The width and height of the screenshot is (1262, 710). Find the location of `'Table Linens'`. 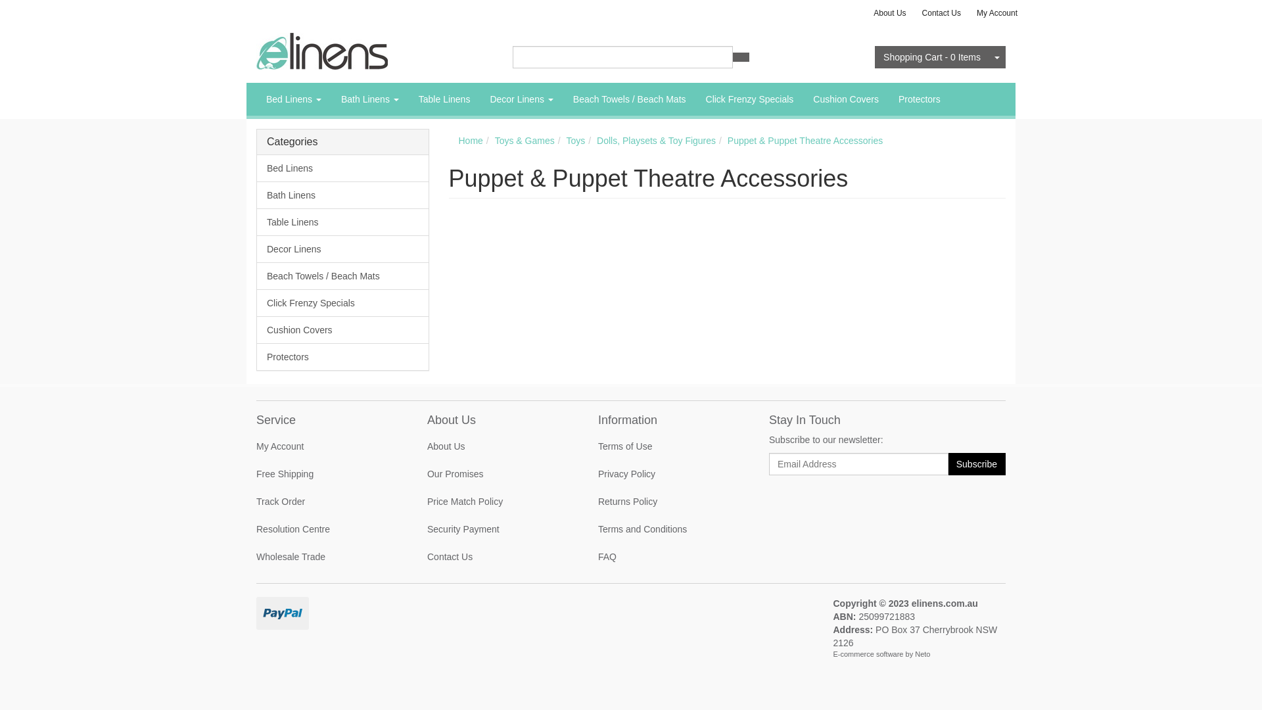

'Table Linens' is located at coordinates (342, 221).